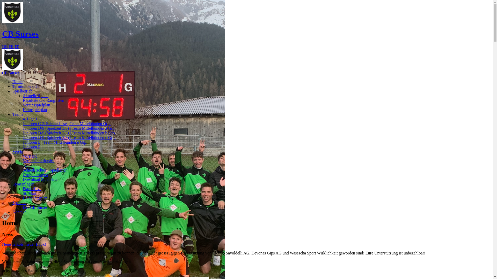  What do you see at coordinates (18, 151) in the screenshot?
I see `'Verein'` at bounding box center [18, 151].